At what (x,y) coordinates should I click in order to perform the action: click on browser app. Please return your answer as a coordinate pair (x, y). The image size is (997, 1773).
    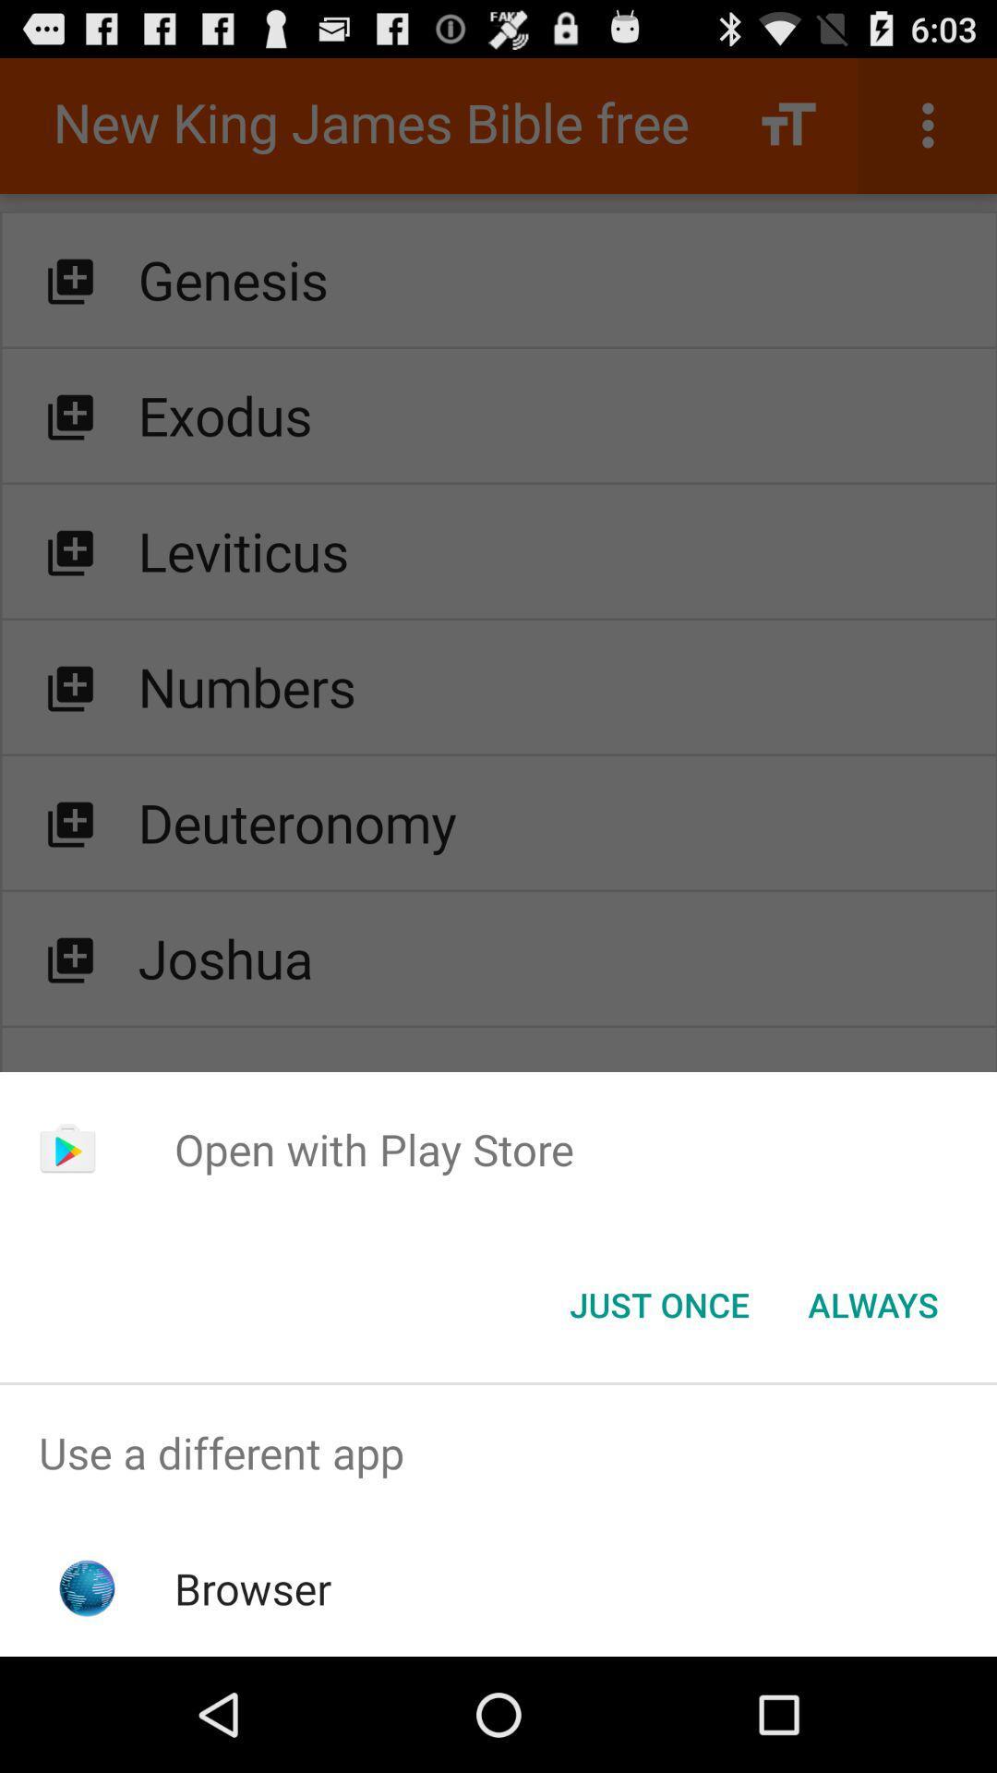
    Looking at the image, I should click on (253, 1587).